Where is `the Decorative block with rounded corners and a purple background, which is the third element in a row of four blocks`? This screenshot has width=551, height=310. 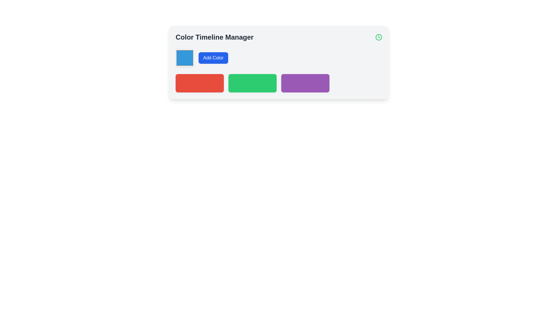 the Decorative block with rounded corners and a purple background, which is the third element in a row of four blocks is located at coordinates (305, 83).